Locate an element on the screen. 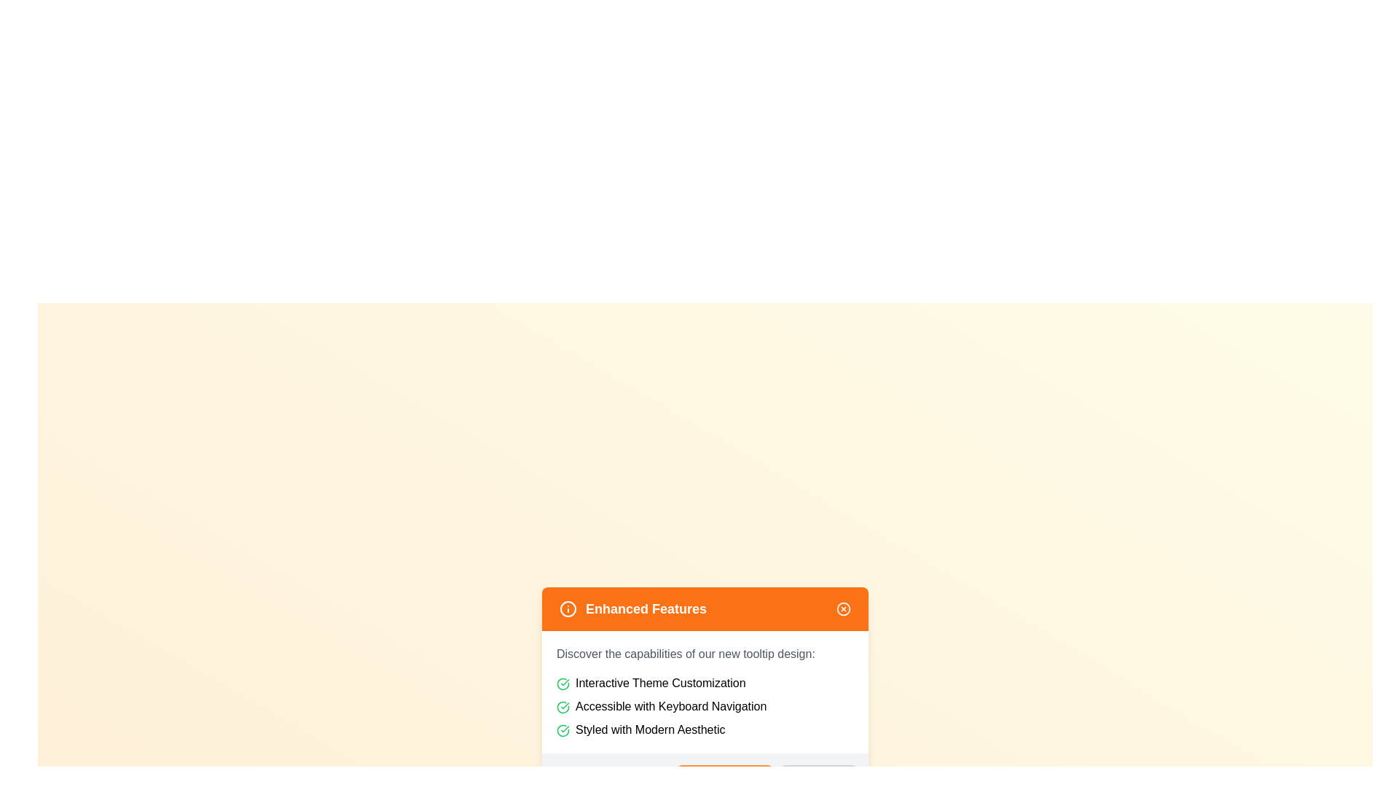 The image size is (1399, 787). the green circular icon with a checkmark located to the left of the label 'Accessible with Keyboard Navigation' is located at coordinates (562, 705).